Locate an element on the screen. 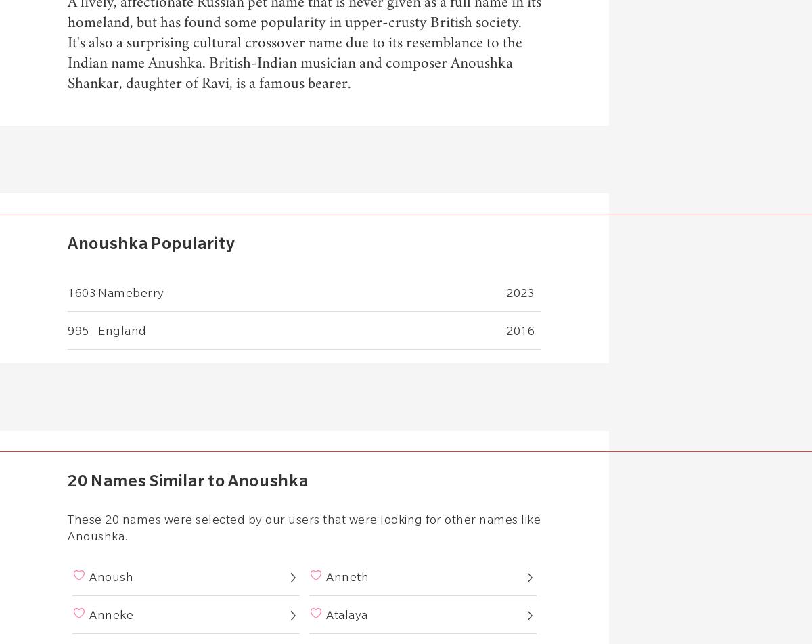  'names were selected by our users that were looking for other names like' is located at coordinates (329, 519).